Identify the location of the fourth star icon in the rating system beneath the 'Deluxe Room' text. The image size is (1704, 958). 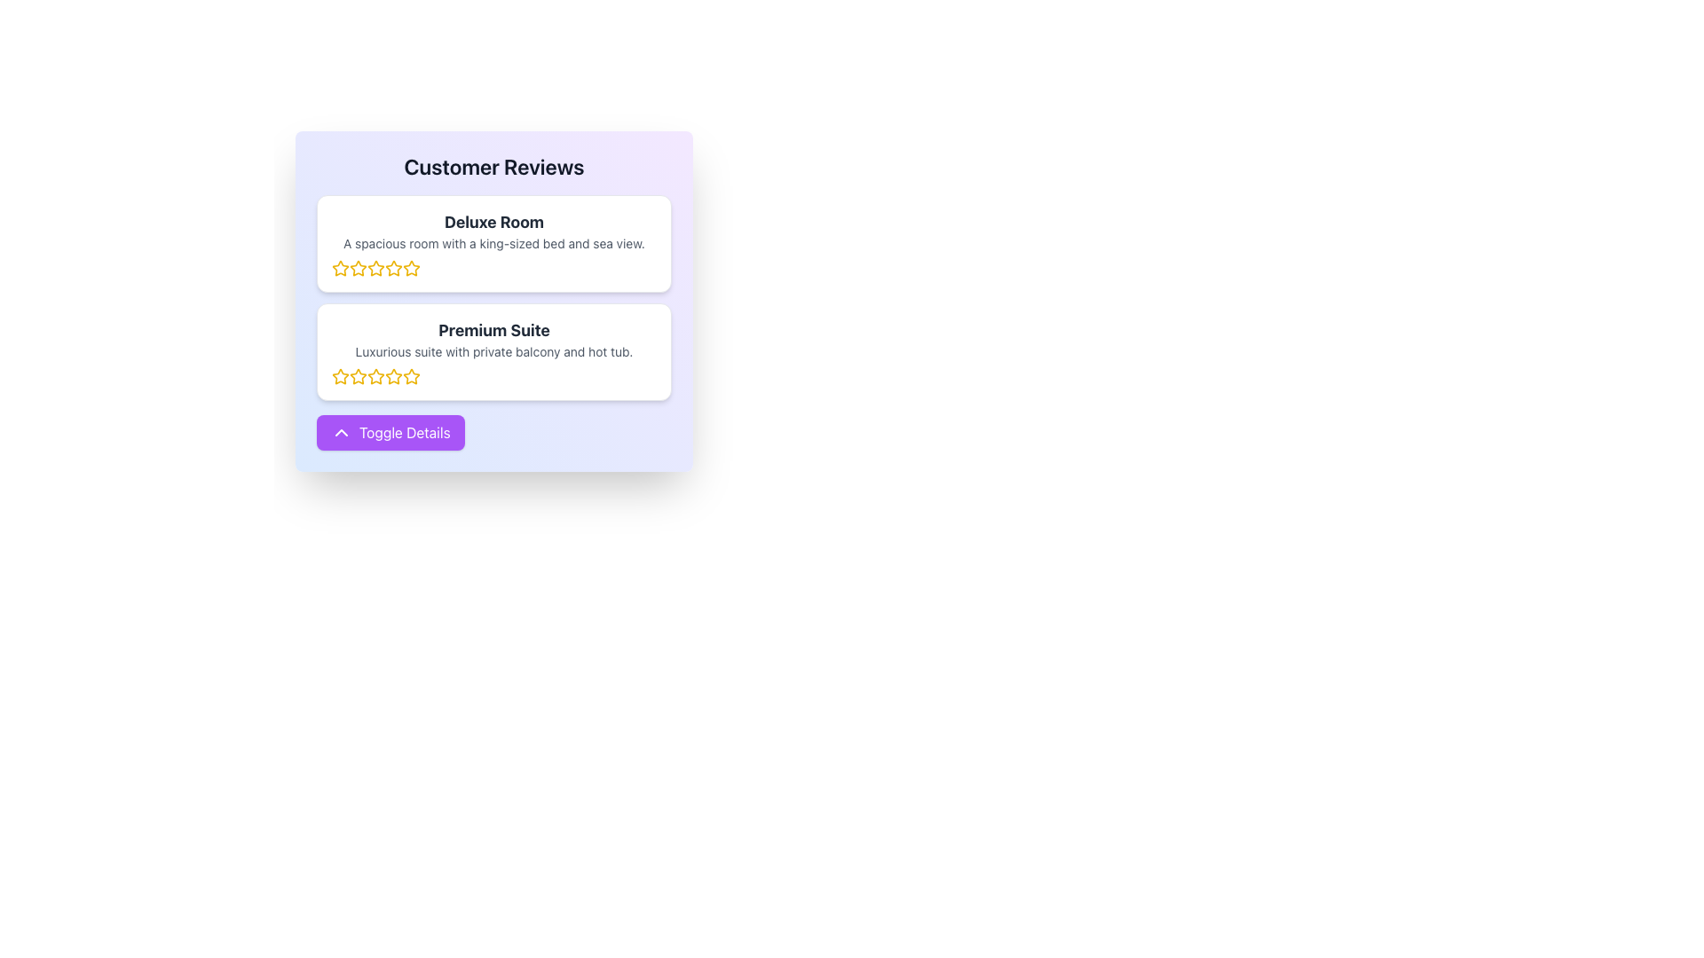
(375, 269).